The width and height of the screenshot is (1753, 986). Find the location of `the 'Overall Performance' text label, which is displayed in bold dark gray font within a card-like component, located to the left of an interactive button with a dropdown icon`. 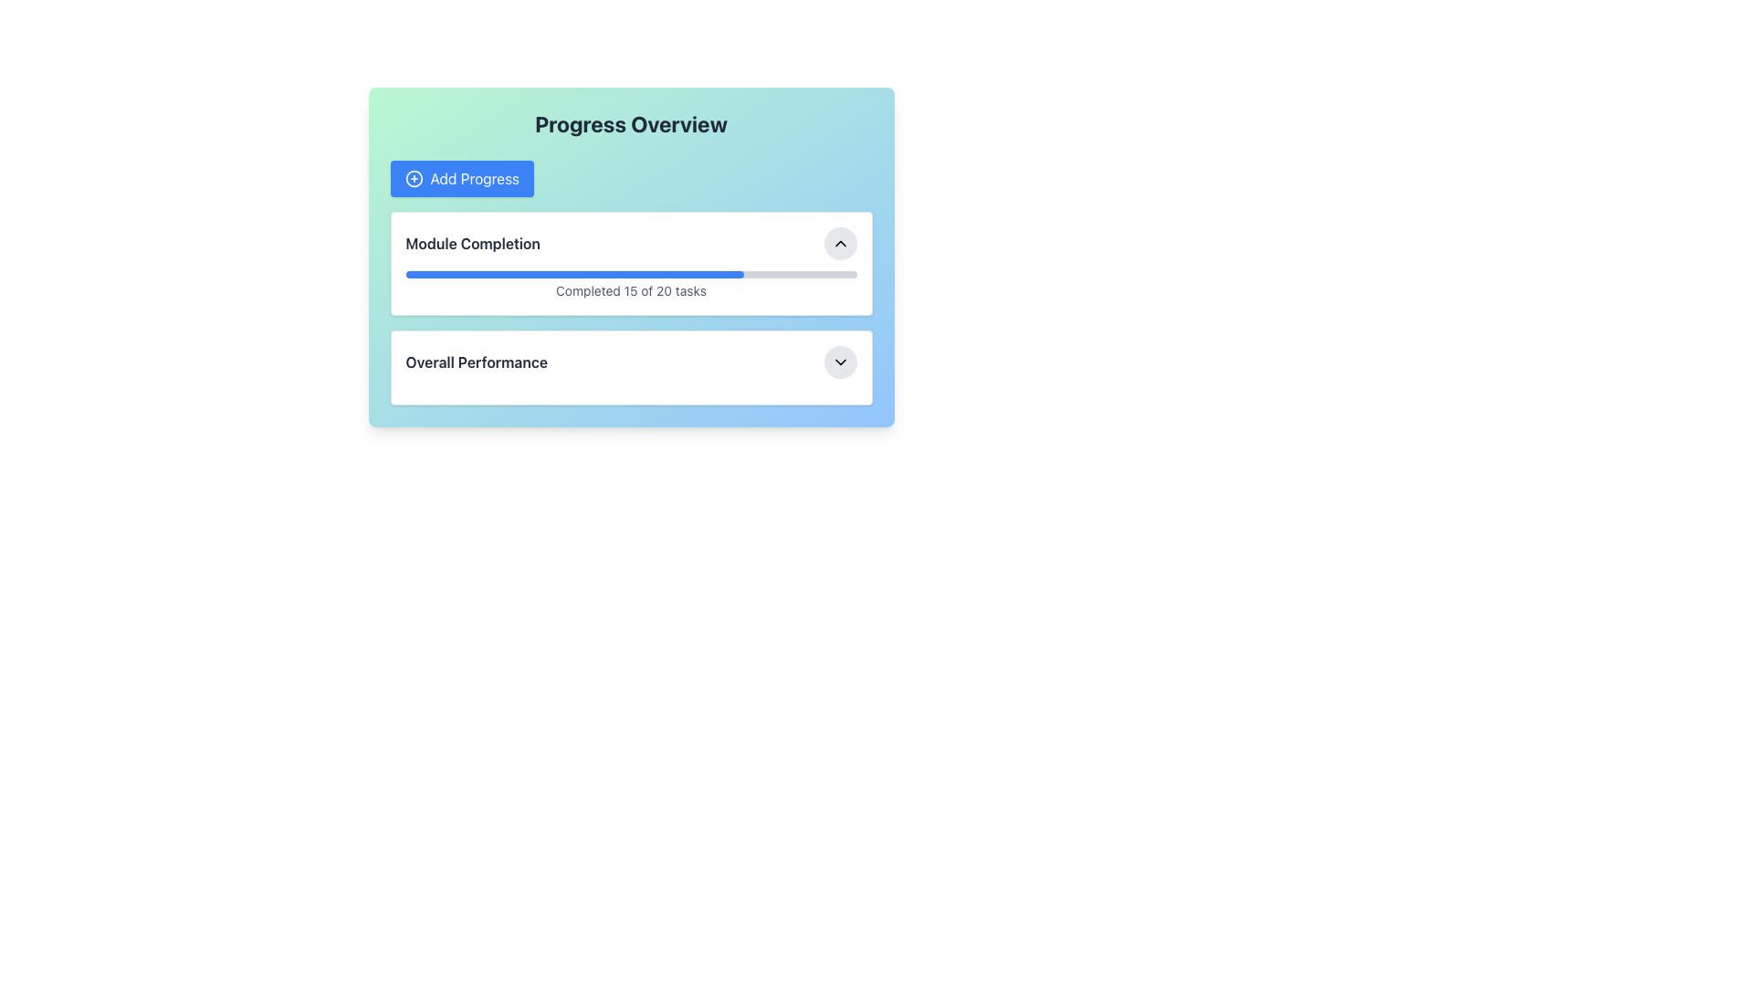

the 'Overall Performance' text label, which is displayed in bold dark gray font within a card-like component, located to the left of an interactive button with a dropdown icon is located at coordinates (477, 362).